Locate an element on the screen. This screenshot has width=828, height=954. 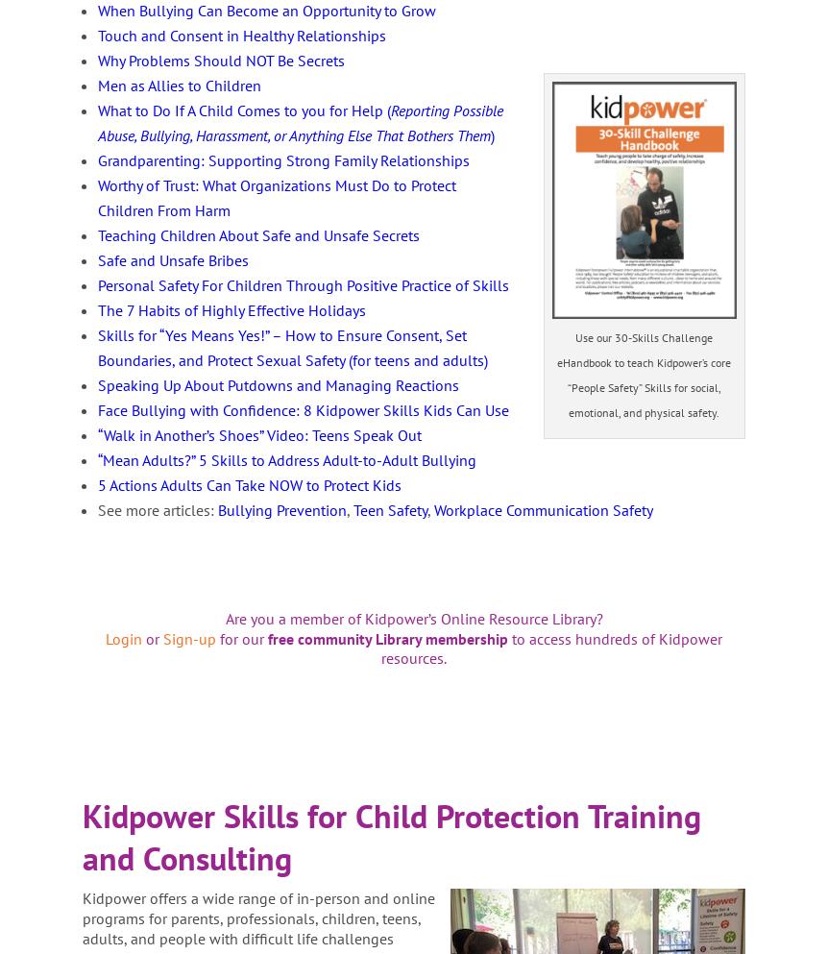
'Bullying Prevention' is located at coordinates (216, 509).